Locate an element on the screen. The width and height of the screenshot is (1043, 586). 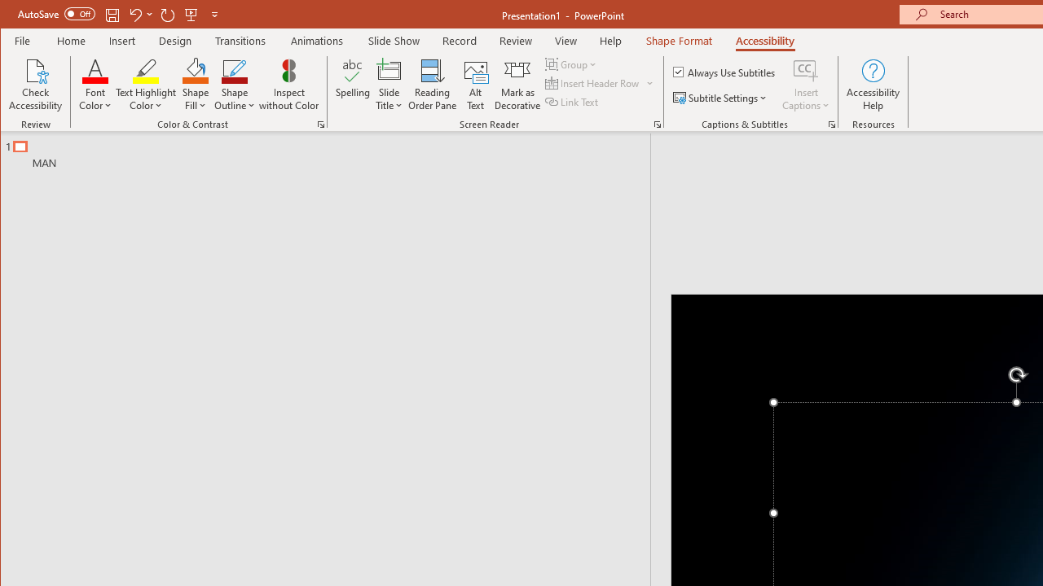
'Reading Order Pane' is located at coordinates (433, 85).